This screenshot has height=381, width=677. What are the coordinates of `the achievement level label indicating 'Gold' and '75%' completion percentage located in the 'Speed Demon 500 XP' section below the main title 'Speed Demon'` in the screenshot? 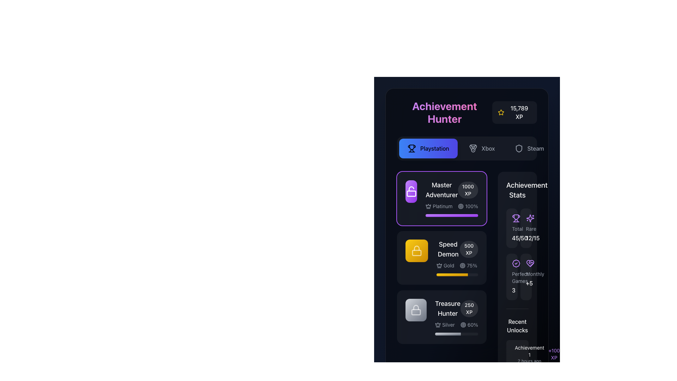 It's located at (457, 265).